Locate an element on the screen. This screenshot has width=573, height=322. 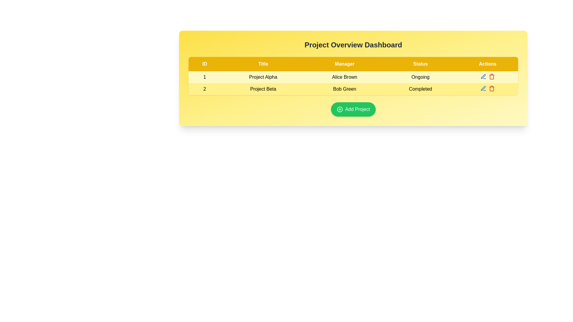
the Edit Button Icon, which resembles a pen and is is located at coordinates (483, 76).